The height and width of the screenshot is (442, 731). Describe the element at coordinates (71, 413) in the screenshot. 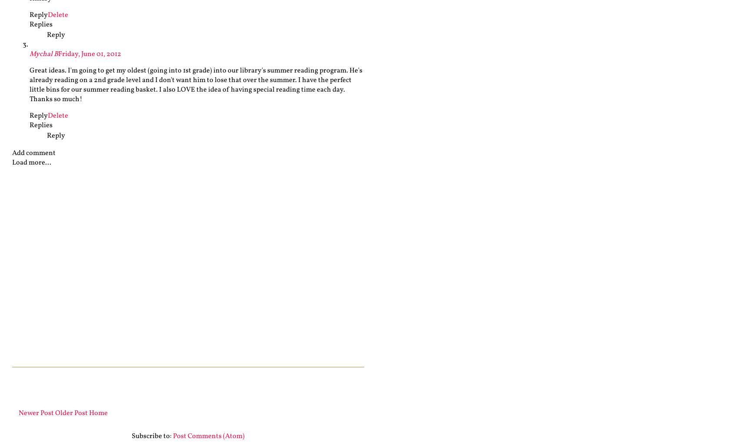

I see `'Older Post'` at that location.